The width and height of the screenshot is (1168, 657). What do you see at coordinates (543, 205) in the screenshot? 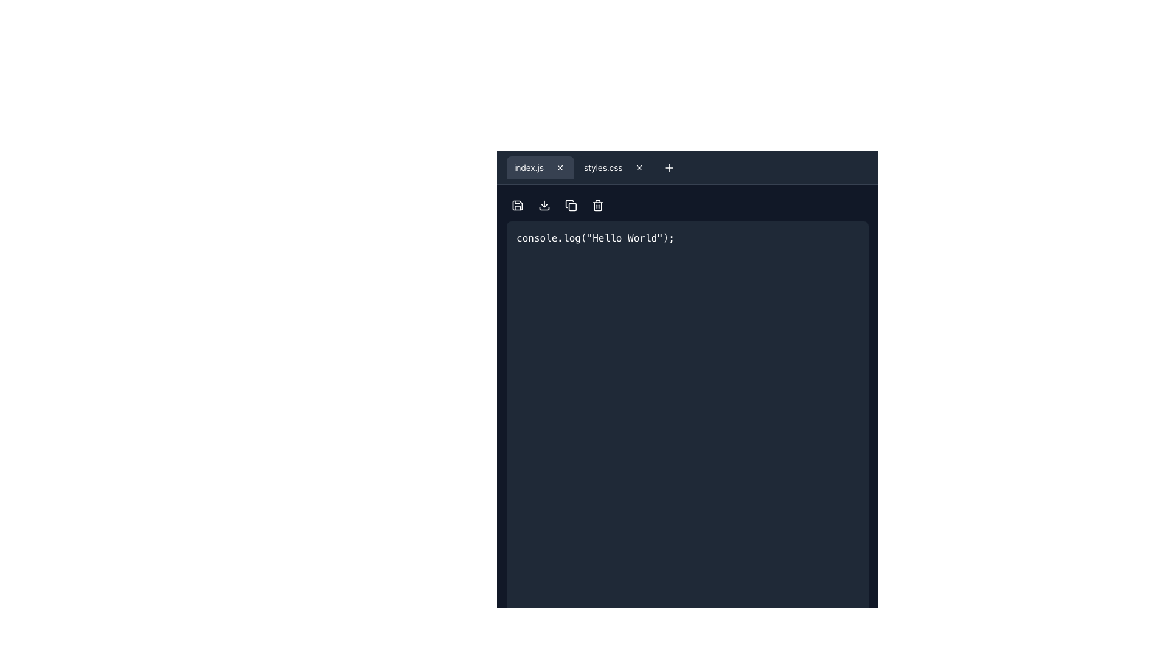
I see `the download button icon located in the top-right section of the interface` at bounding box center [543, 205].